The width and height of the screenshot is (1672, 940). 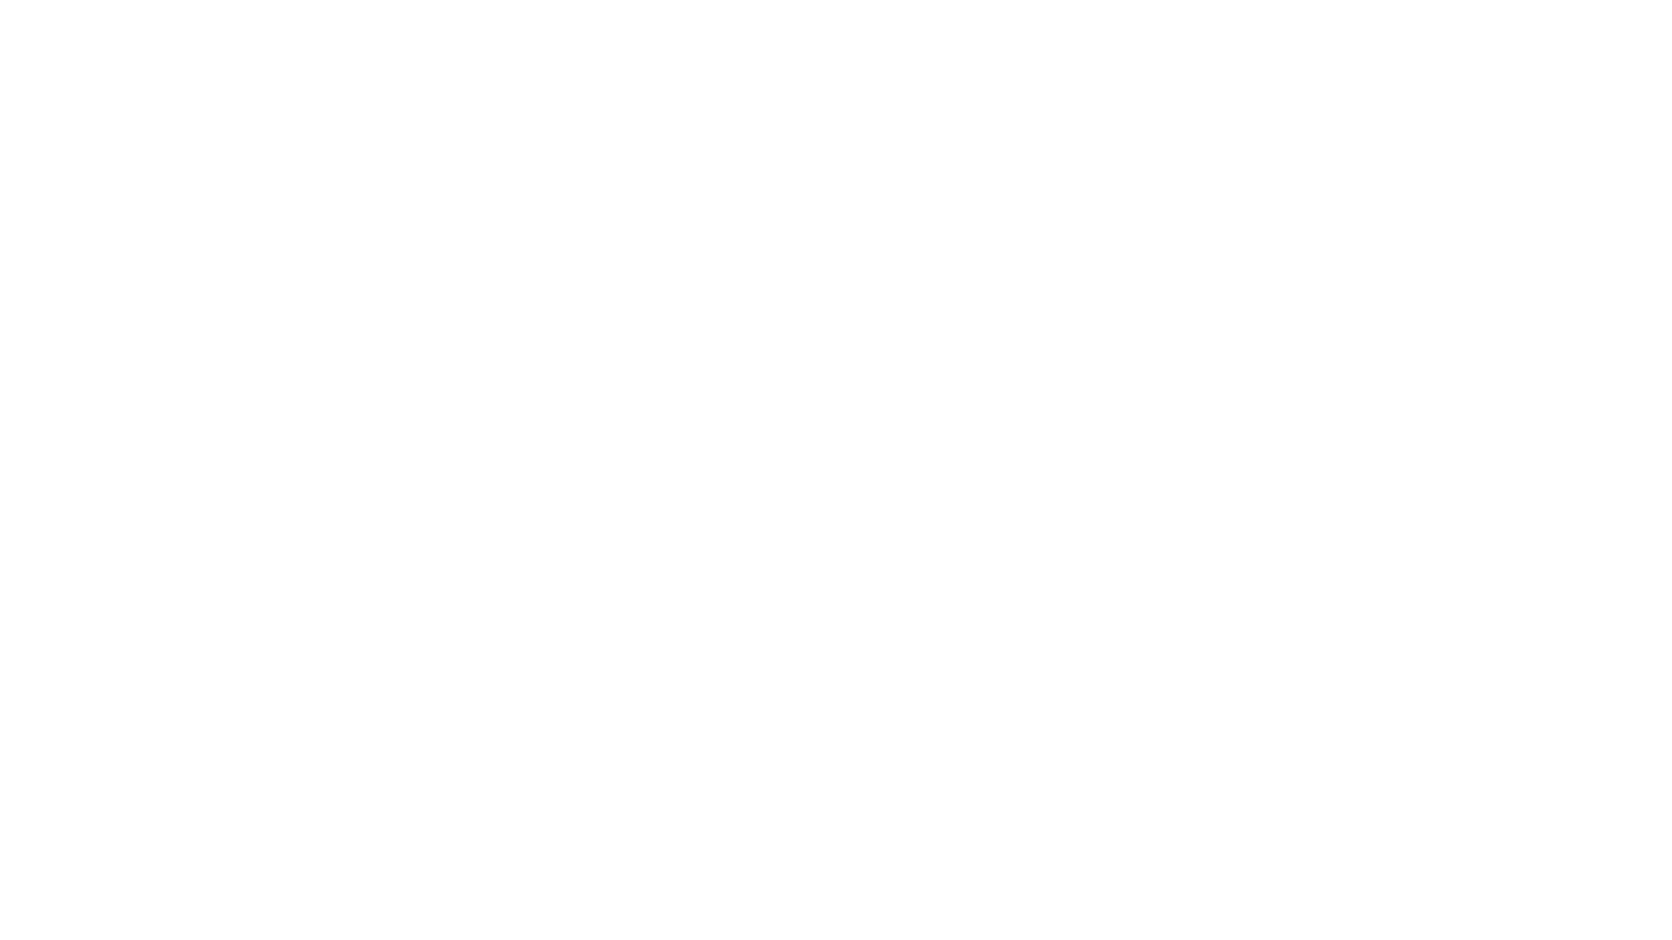 What do you see at coordinates (1176, 28) in the screenshot?
I see `Sign In` at bounding box center [1176, 28].